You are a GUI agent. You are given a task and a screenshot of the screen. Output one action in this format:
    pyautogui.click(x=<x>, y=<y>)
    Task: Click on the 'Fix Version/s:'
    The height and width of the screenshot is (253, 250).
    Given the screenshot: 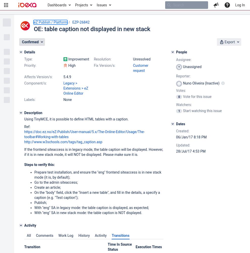 What is the action you would take?
    pyautogui.click(x=104, y=66)
    